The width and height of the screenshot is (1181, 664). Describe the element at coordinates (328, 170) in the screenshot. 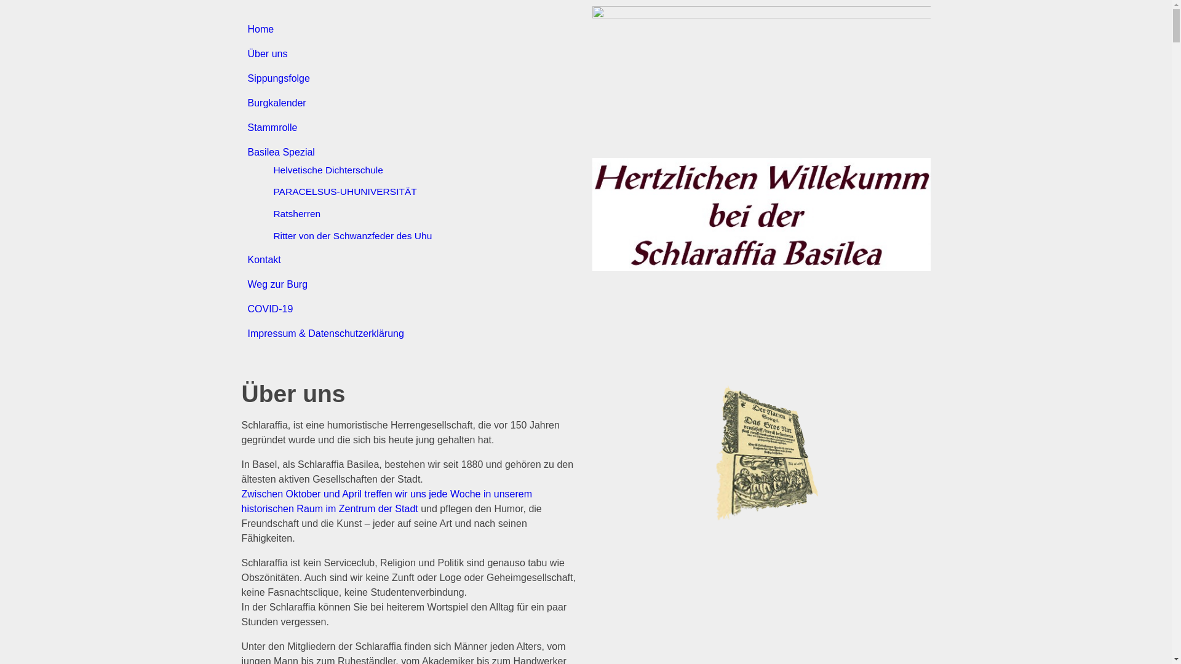

I see `'Helvetische Dichterschule'` at that location.